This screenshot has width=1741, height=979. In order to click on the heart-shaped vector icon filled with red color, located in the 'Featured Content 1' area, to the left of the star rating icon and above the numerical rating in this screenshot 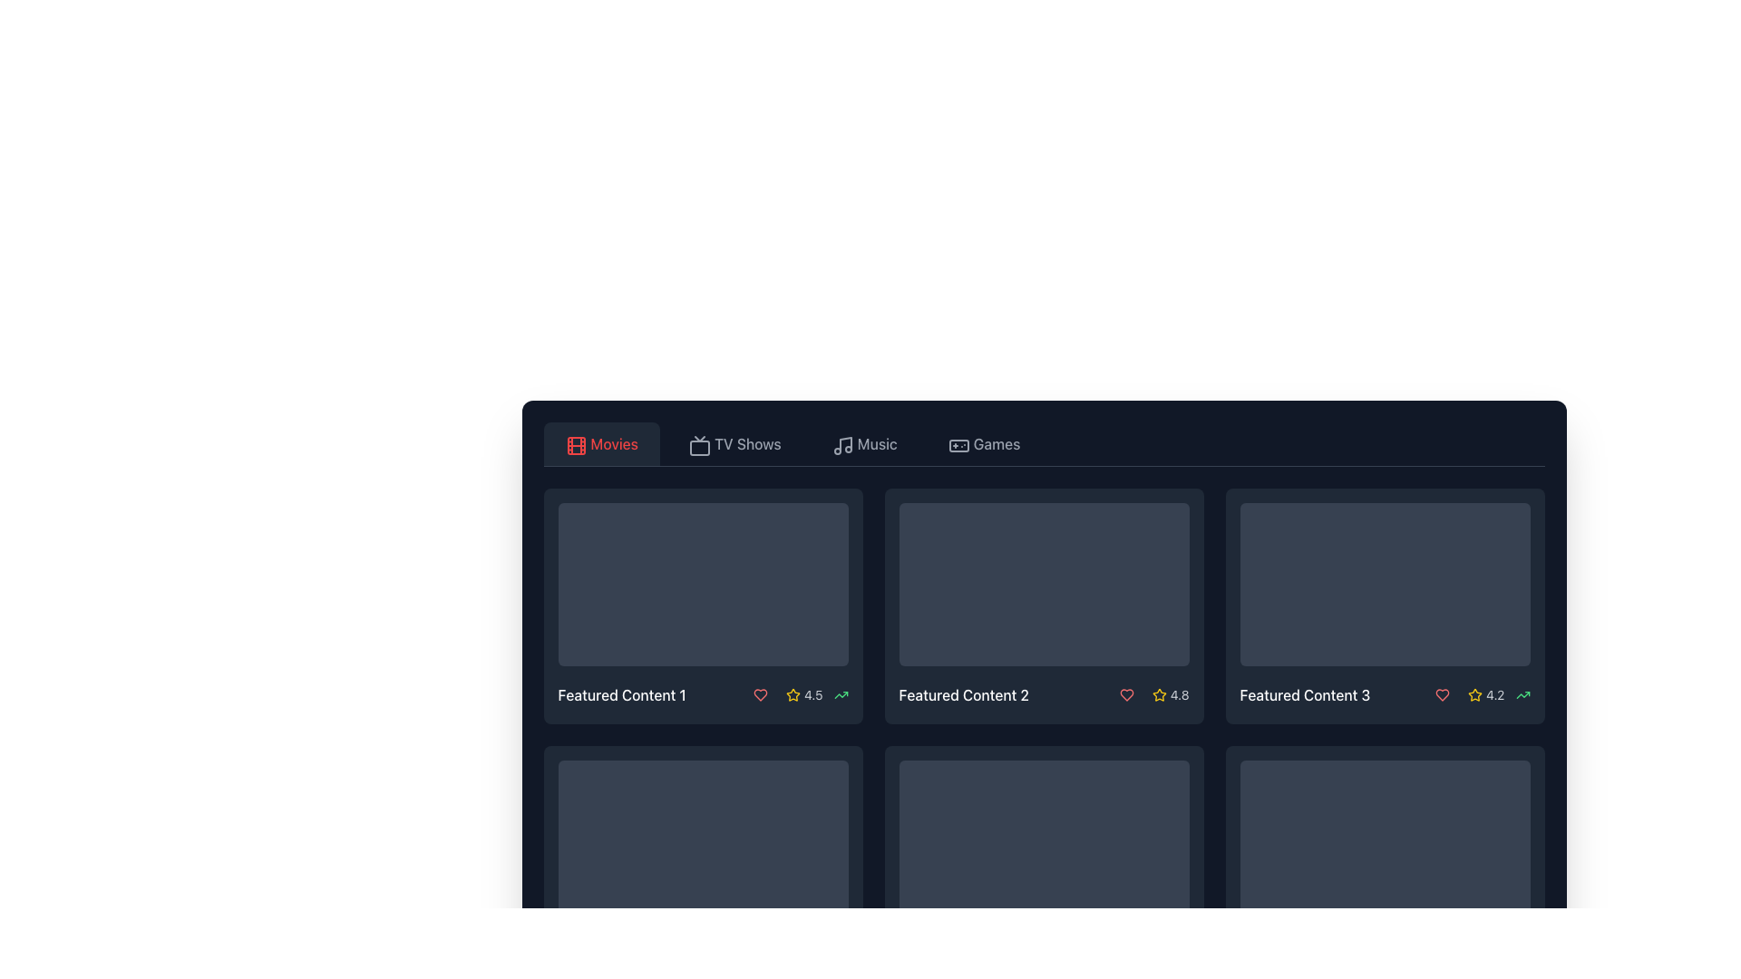, I will do `click(761, 694)`.